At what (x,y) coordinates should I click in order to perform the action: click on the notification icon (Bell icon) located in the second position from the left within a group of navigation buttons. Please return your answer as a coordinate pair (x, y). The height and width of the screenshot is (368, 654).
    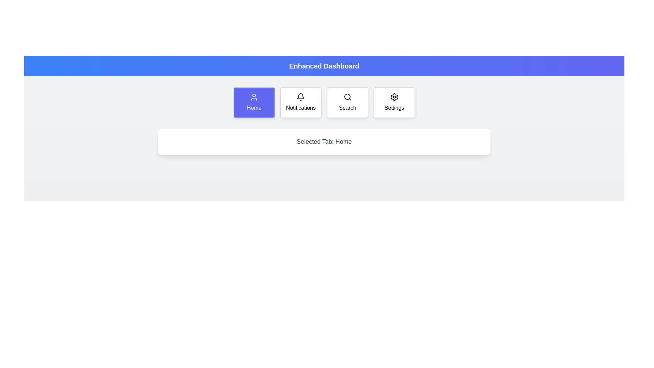
    Looking at the image, I should click on (300, 97).